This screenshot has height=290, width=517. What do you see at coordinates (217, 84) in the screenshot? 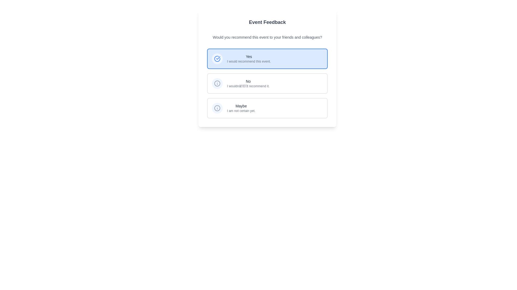
I see `the informational icon, which is a circular light blue icon with a gray 'i' symbol, located to the far left of the 'No, I wouldn’t recommend it.' feedback option` at bounding box center [217, 84].